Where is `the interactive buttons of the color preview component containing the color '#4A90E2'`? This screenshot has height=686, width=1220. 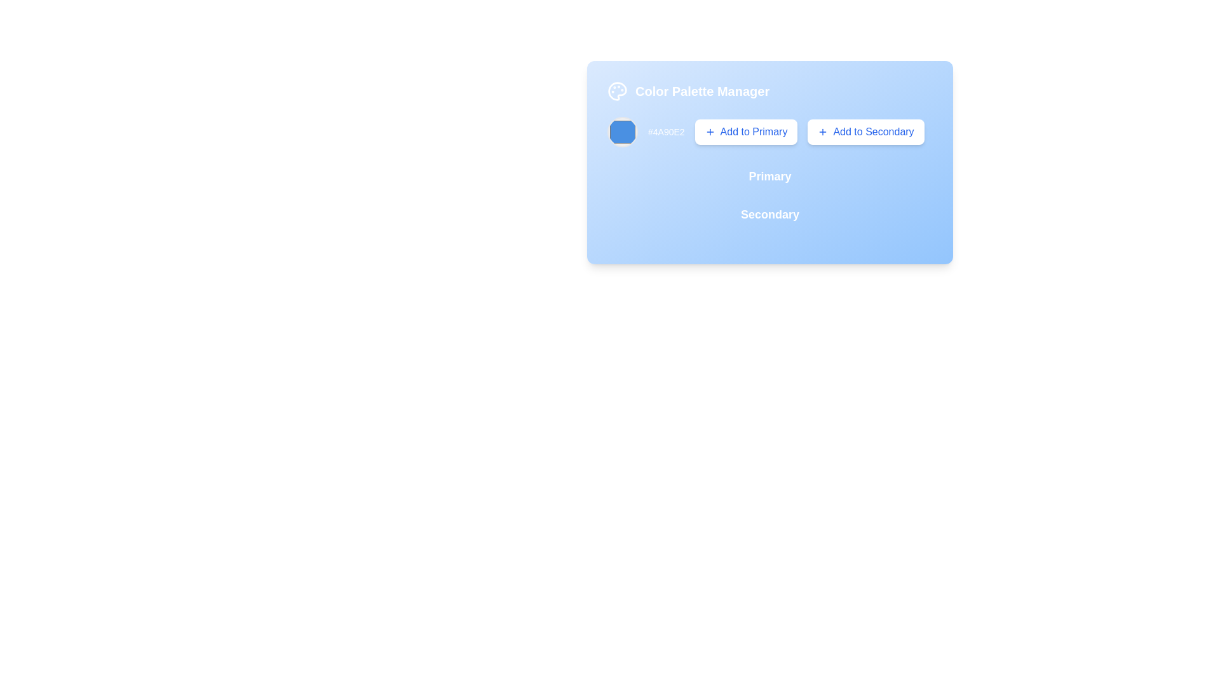
the interactive buttons of the color preview component containing the color '#4A90E2' is located at coordinates (769, 132).